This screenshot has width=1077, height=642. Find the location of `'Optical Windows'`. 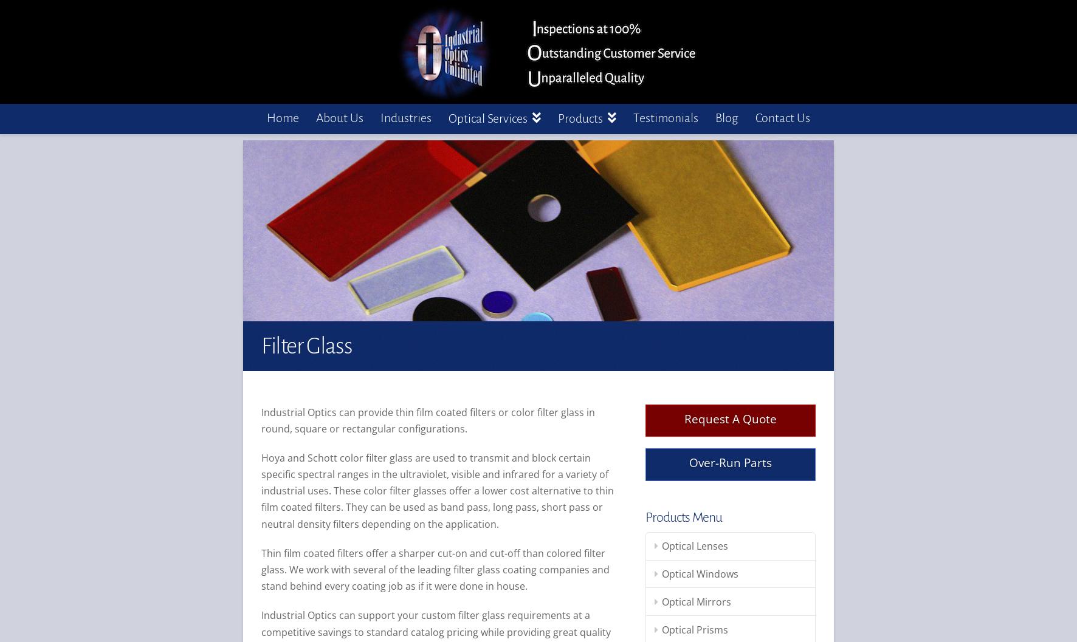

'Optical Windows' is located at coordinates (699, 573).